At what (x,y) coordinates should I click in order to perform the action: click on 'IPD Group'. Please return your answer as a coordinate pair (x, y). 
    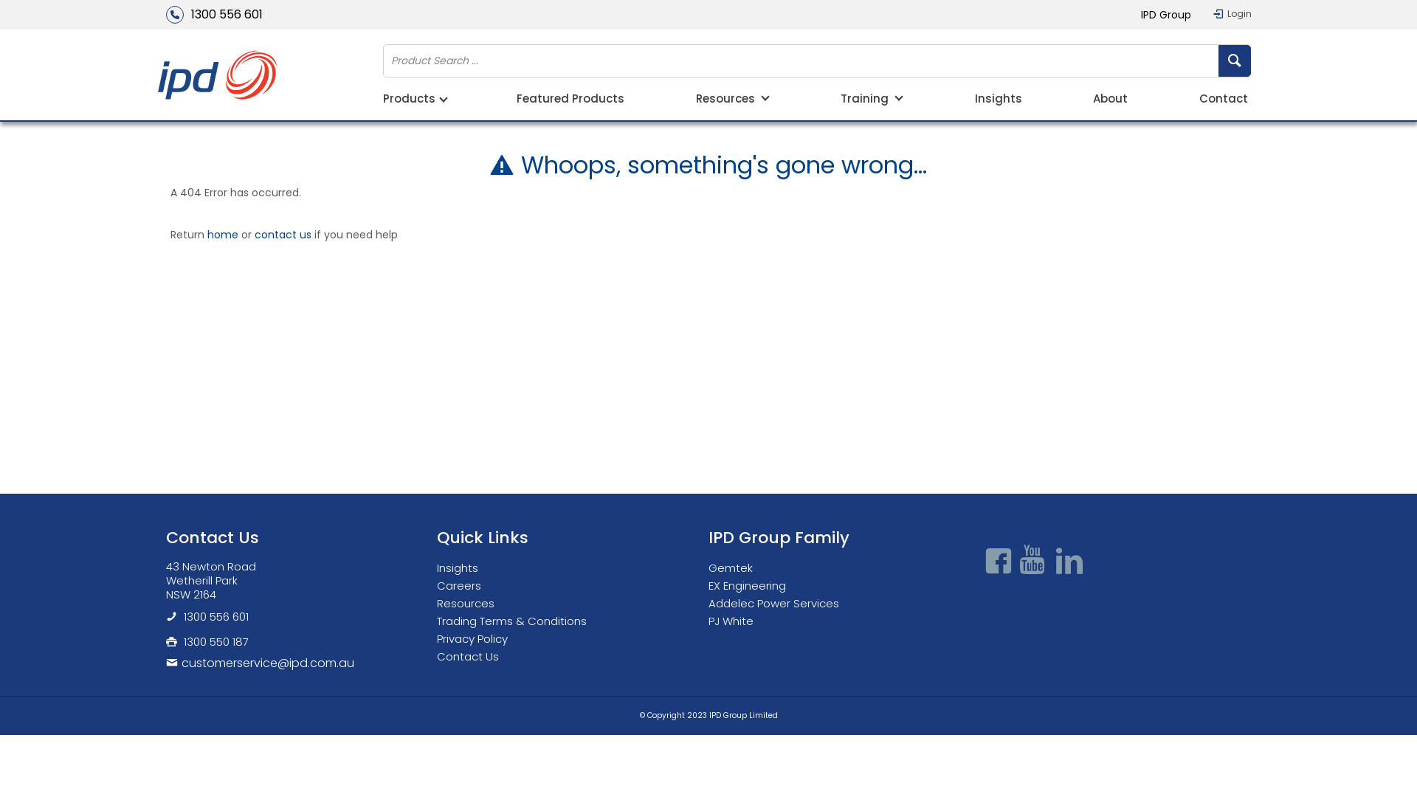
    Looking at the image, I should click on (1165, 14).